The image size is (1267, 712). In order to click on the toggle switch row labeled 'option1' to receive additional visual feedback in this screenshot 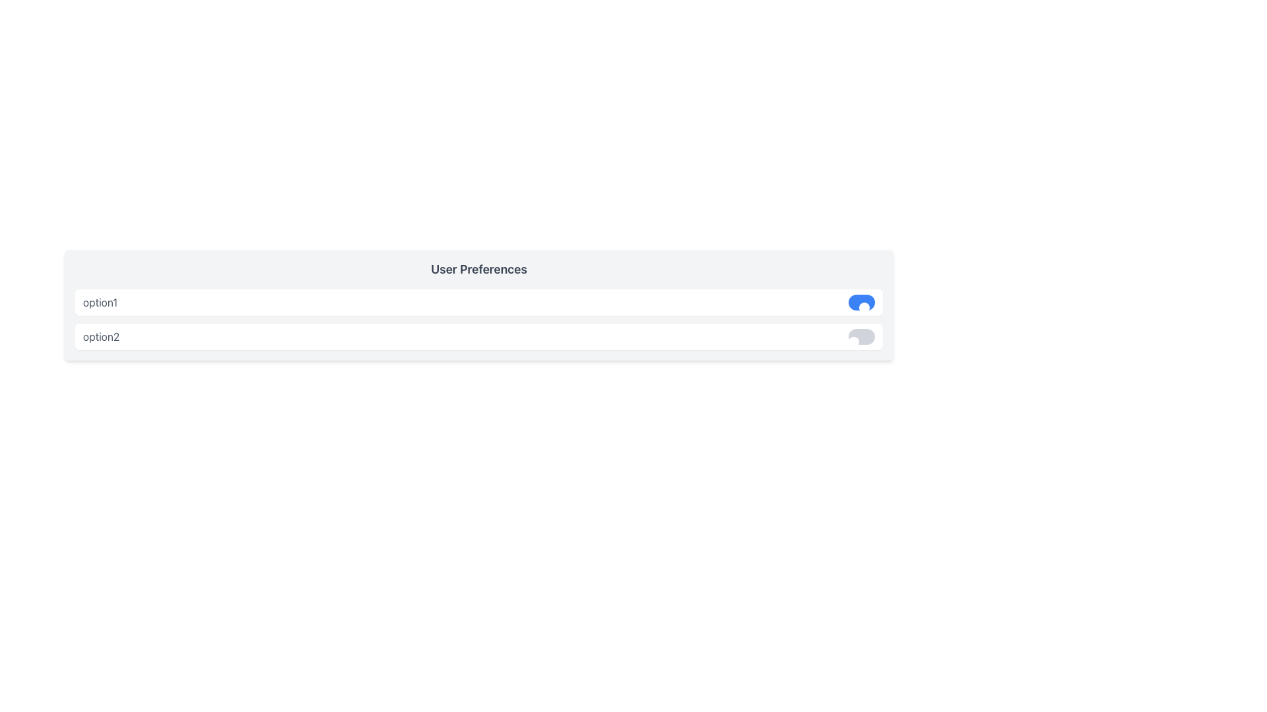, I will do `click(478, 303)`.